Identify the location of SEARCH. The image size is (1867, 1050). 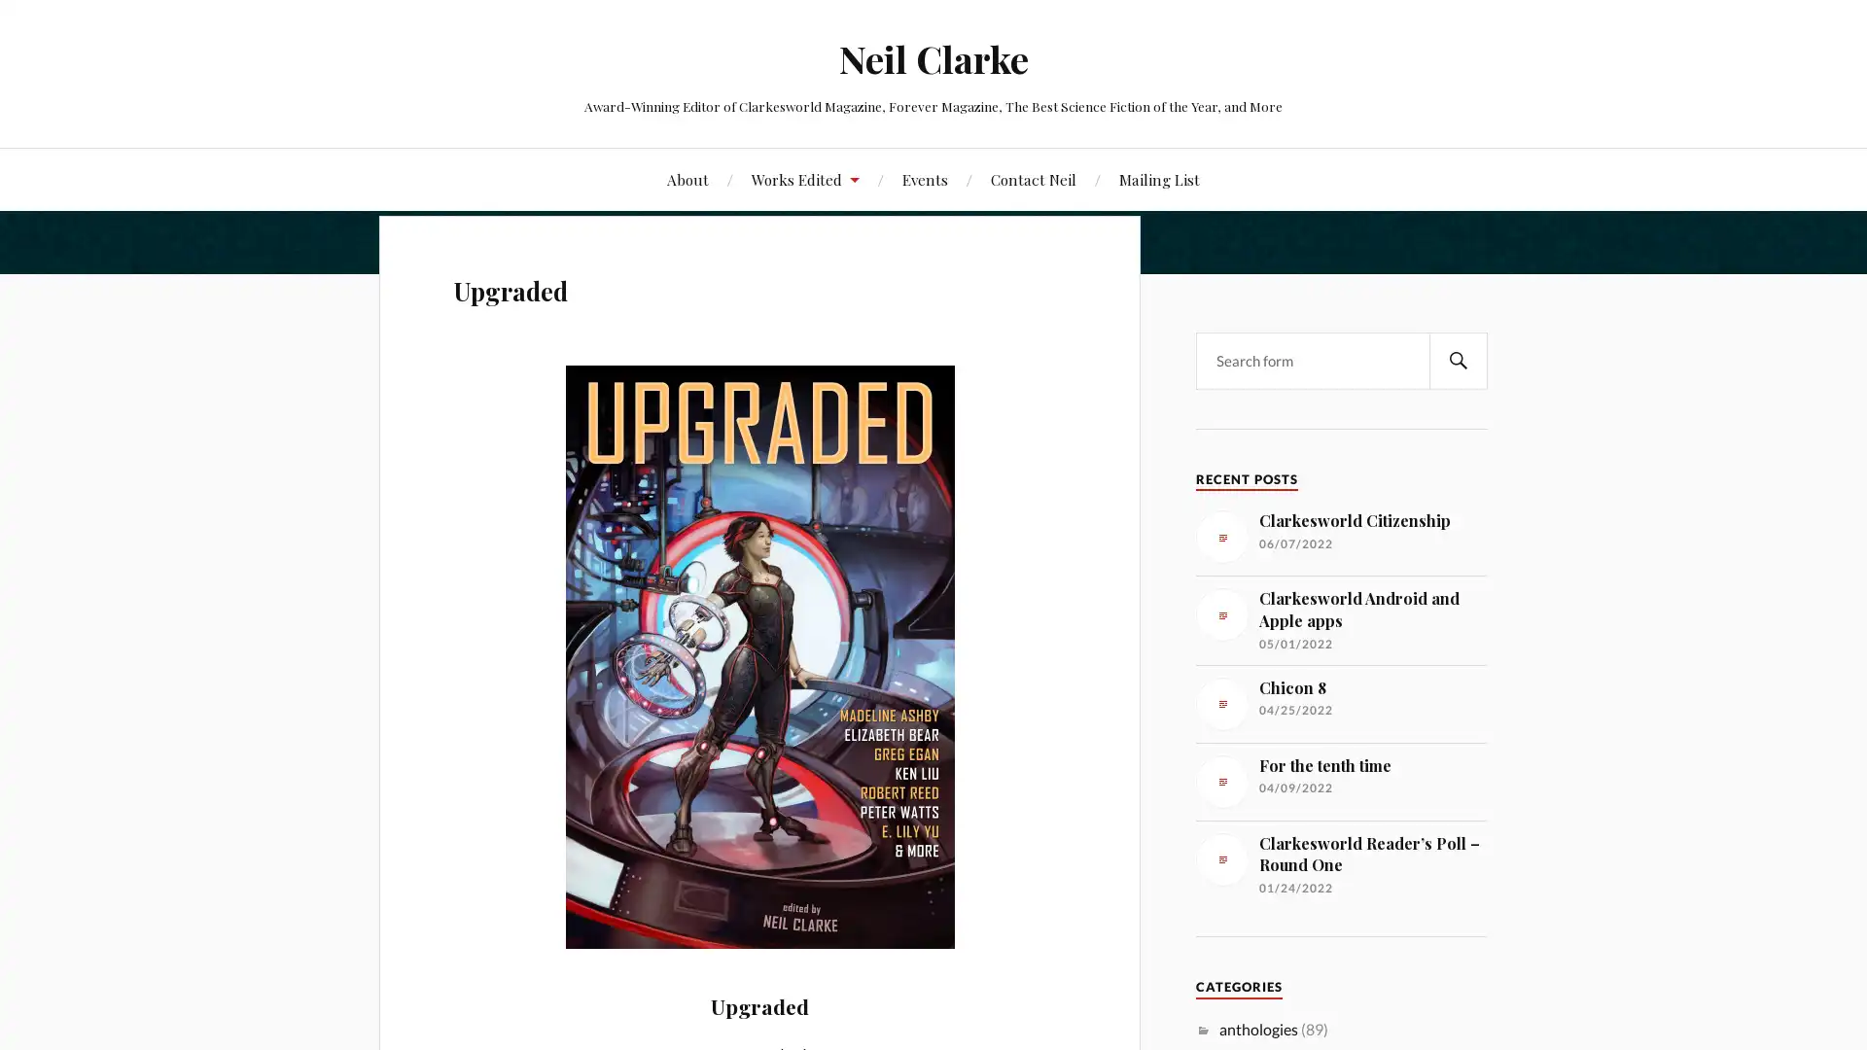
(1458, 360).